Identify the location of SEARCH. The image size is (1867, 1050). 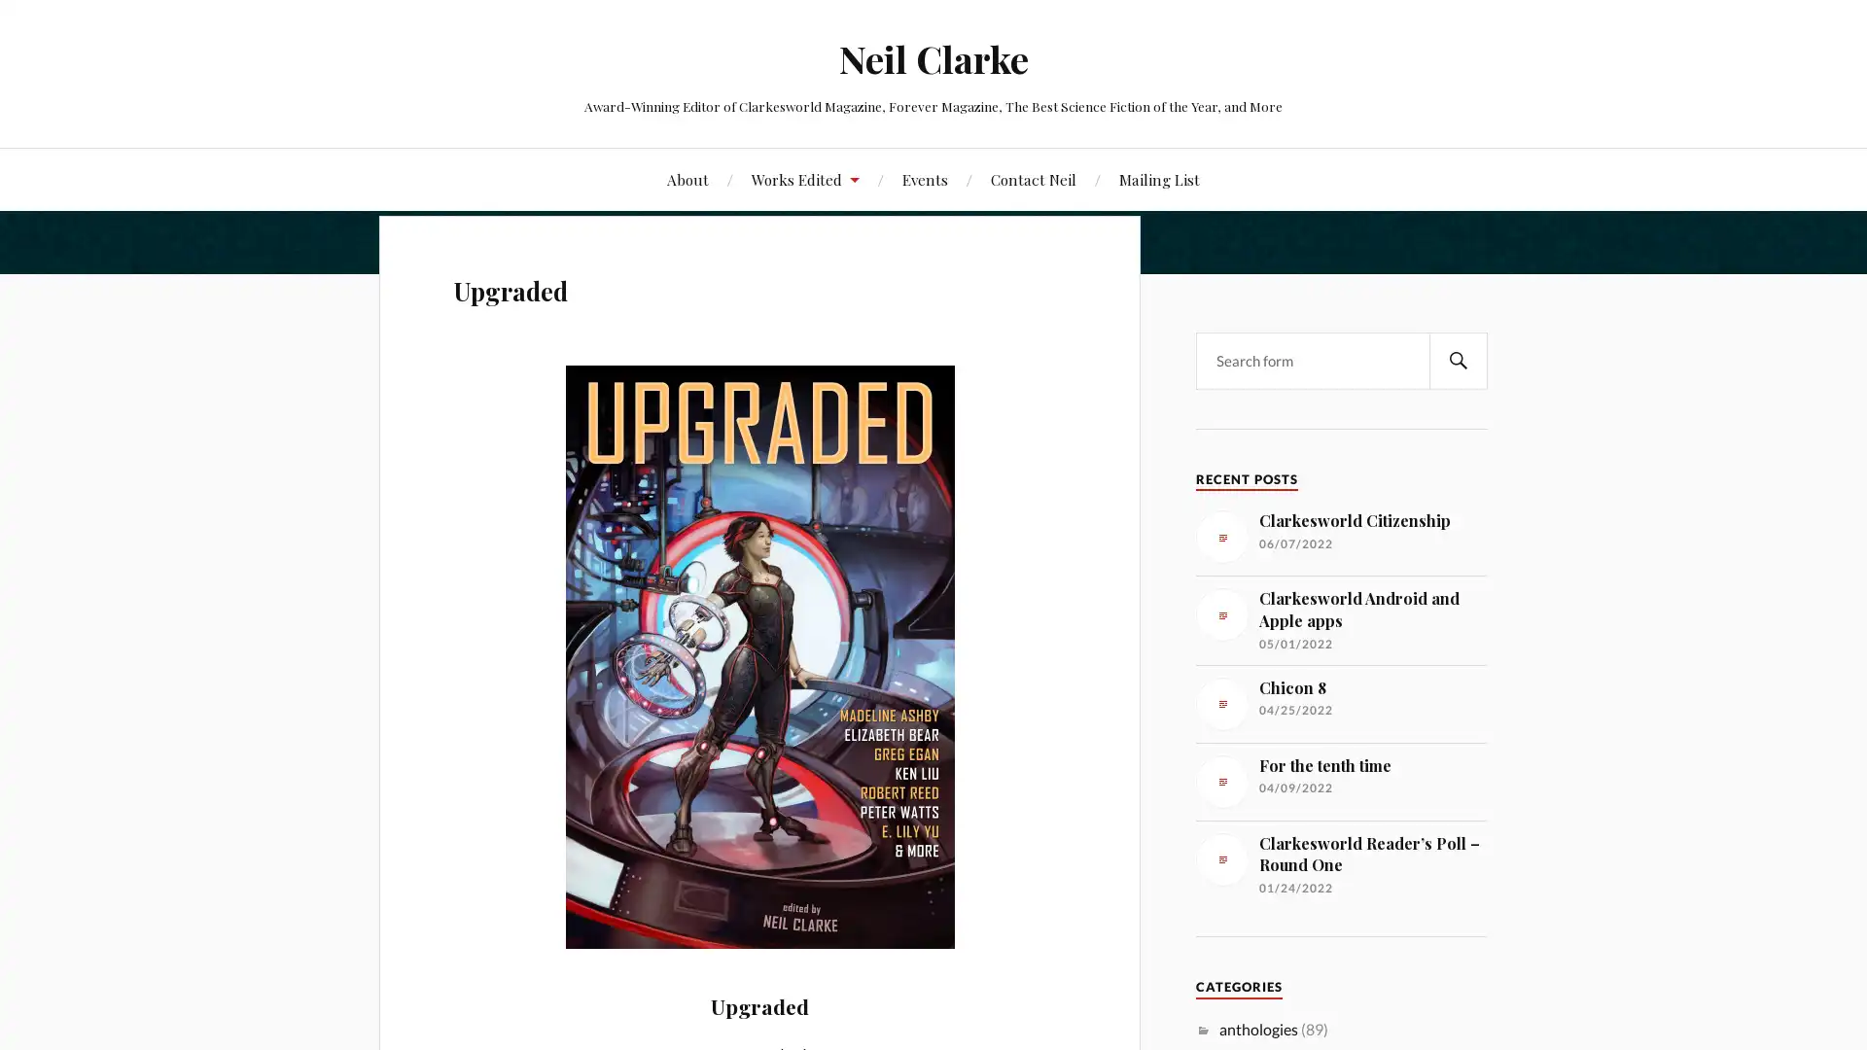
(1458, 360).